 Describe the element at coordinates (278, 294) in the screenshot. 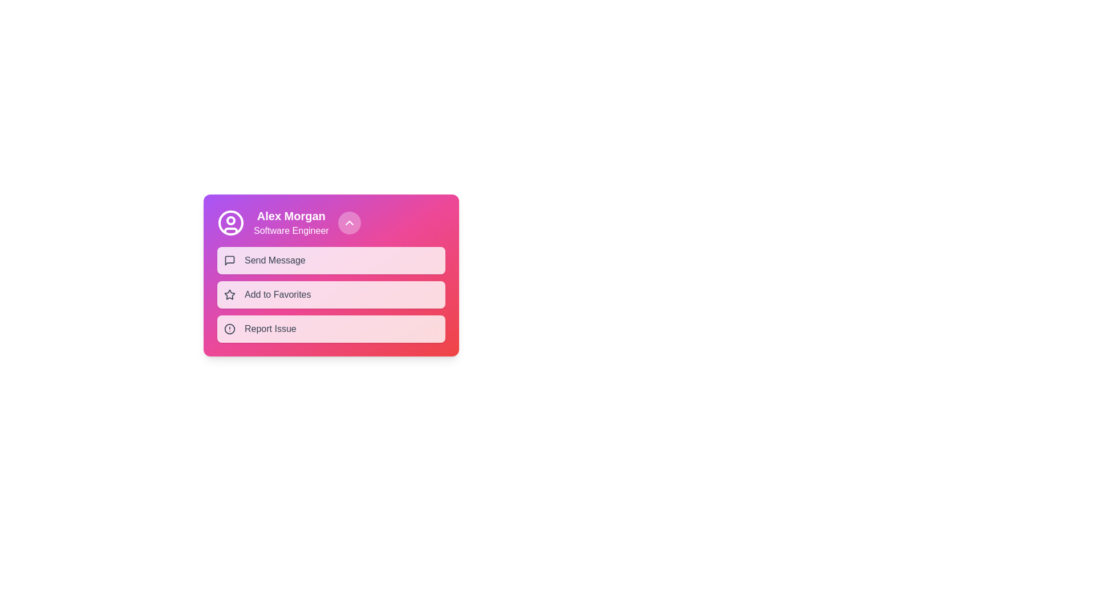

I see `the text label indicating the action to add a user or item to favorites, located below the 'Send Message' button and above the 'Report Issue' button, to the right of the gray star icon` at that location.